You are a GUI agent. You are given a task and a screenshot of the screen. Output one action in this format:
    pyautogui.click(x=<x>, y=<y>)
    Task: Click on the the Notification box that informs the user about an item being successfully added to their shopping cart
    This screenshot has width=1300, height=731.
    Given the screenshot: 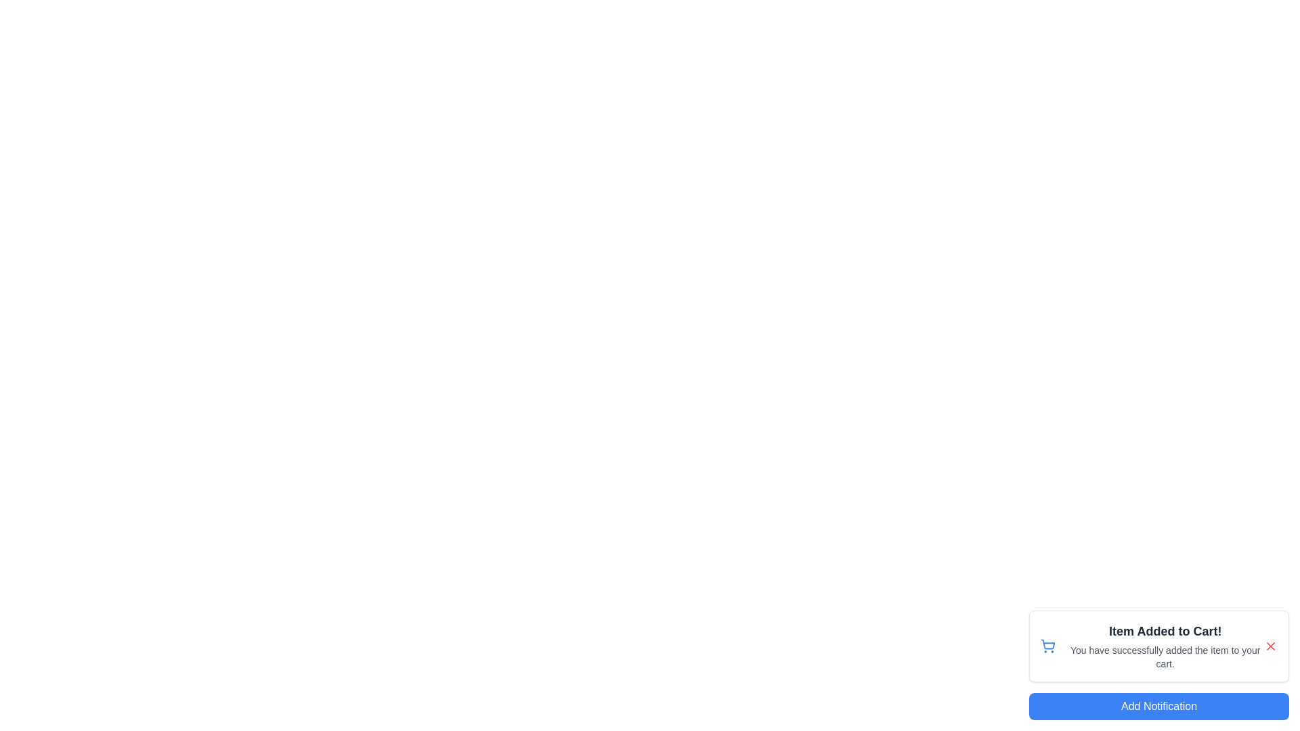 What is the action you would take?
    pyautogui.click(x=1158, y=646)
    